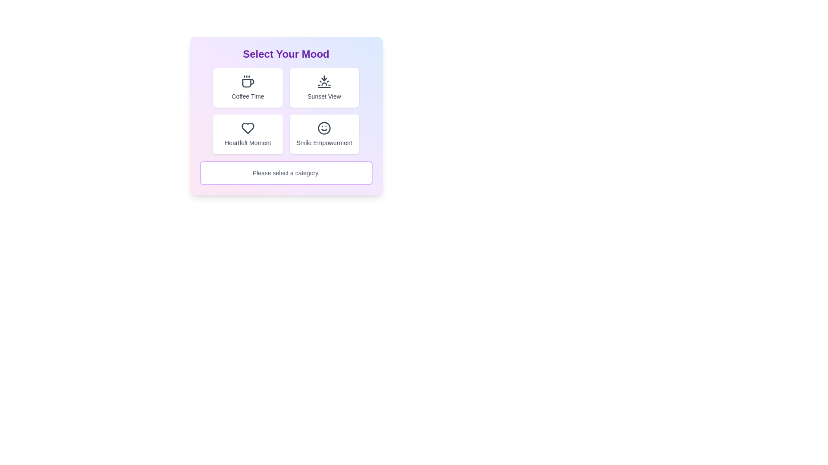  What do you see at coordinates (286, 173) in the screenshot?
I see `the Text Label that instructs the user to make a category selection located at the bottom center of the 'Select Your Mood' box` at bounding box center [286, 173].